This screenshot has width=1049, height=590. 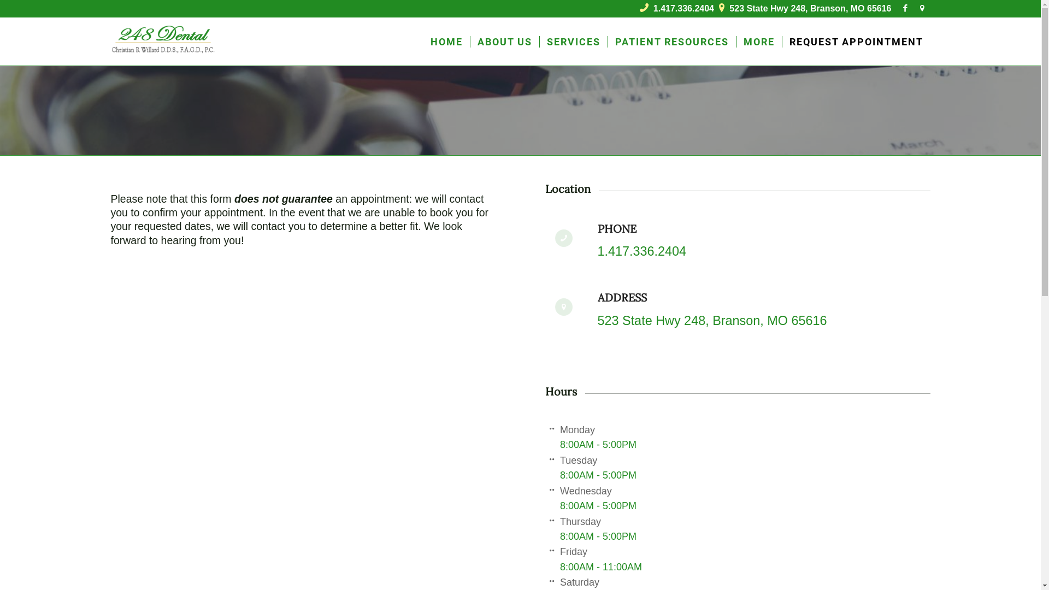 I want to click on 'REQUEST APPOINTMENT', so click(x=854, y=41).